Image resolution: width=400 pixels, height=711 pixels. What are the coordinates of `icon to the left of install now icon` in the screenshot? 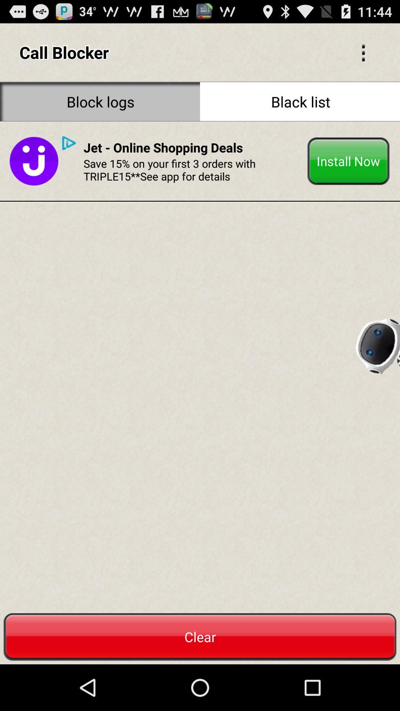 It's located at (163, 147).